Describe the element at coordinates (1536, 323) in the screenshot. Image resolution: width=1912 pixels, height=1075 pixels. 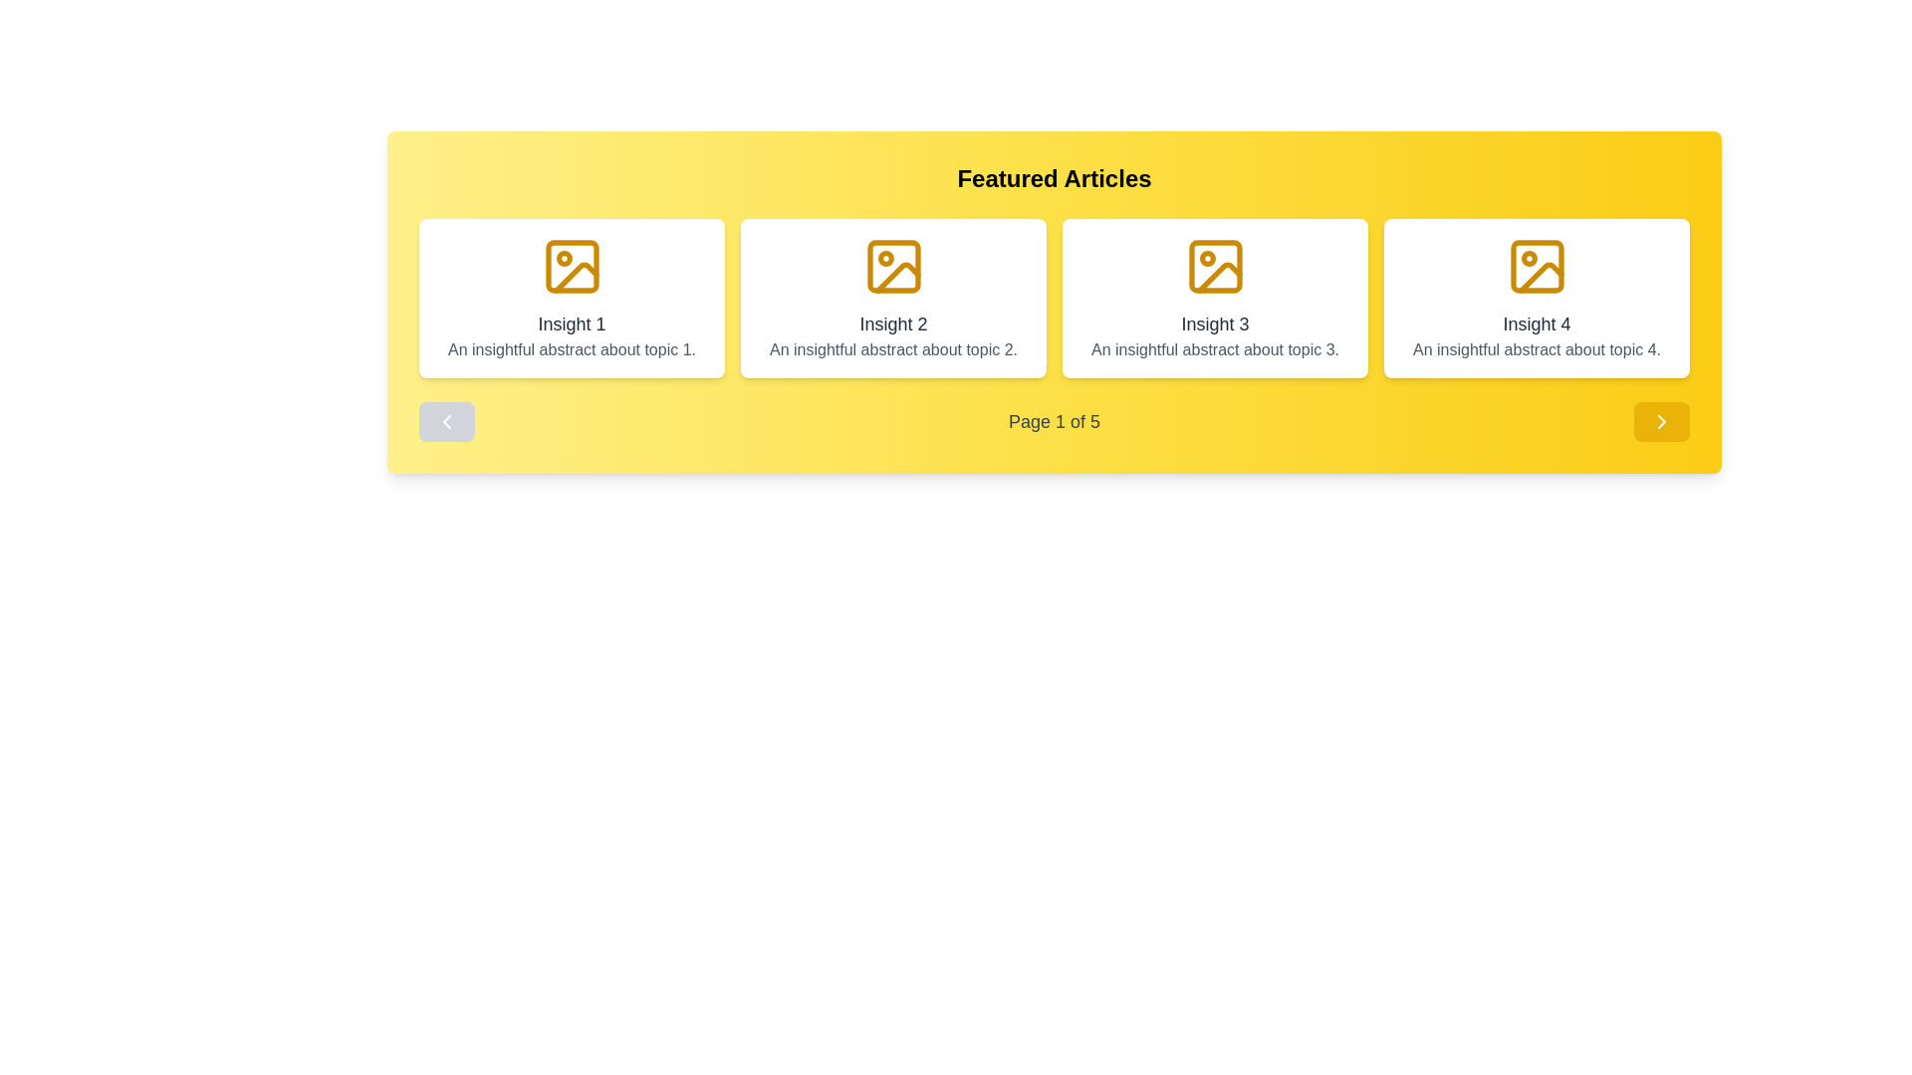
I see `text displayed in the text label 'Insight 4', which is centrally located in the fourth card of a horizontal grid layout` at that location.